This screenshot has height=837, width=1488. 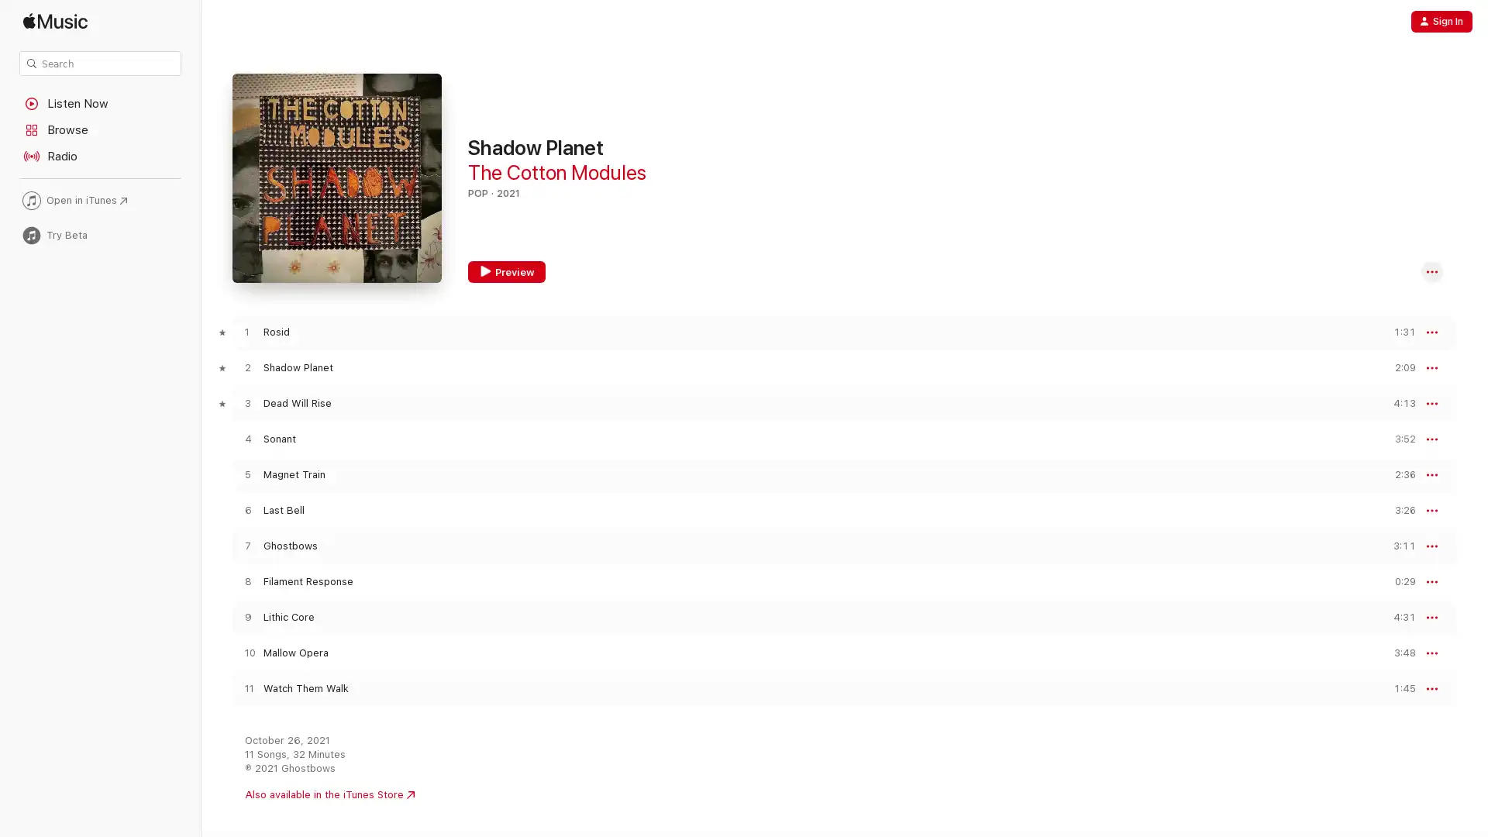 I want to click on More, so click(x=1431, y=331).